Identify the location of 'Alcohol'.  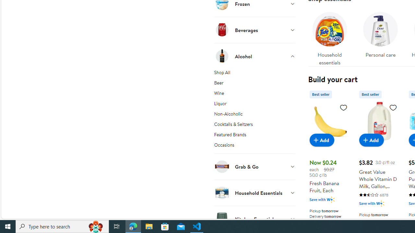
(254, 56).